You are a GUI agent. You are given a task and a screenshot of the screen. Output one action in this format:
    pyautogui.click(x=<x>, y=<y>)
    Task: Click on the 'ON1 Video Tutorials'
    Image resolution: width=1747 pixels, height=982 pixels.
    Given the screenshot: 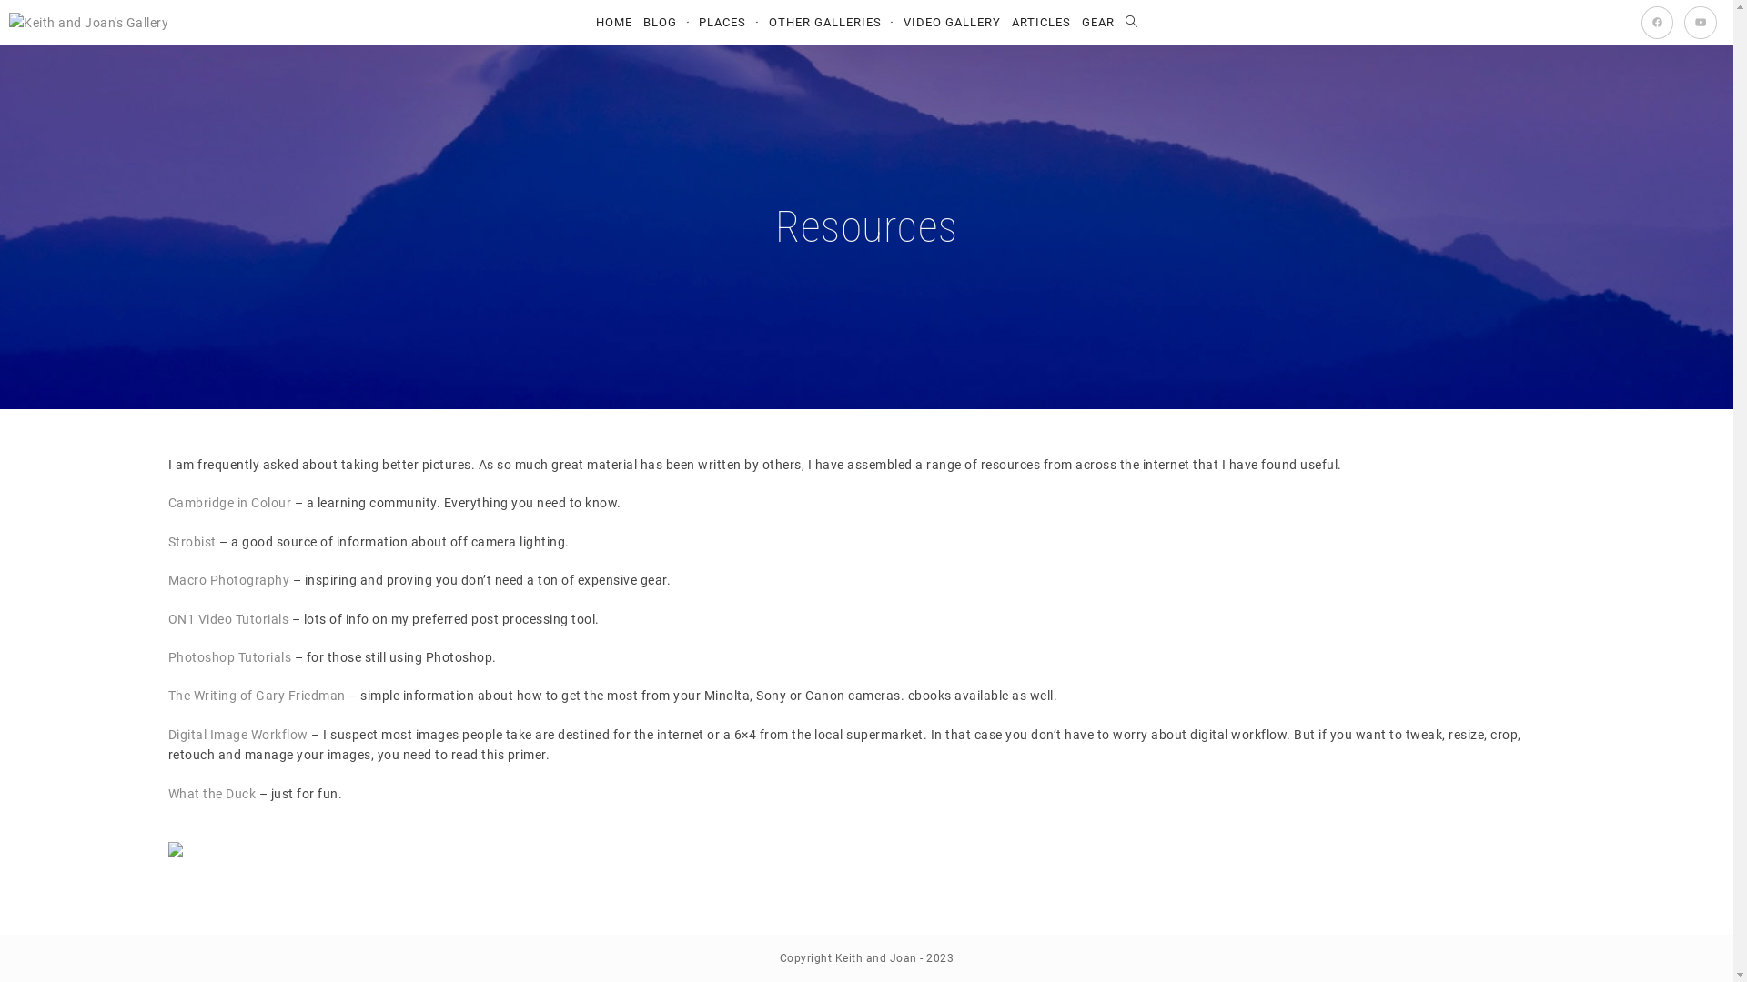 What is the action you would take?
    pyautogui.click(x=167, y=618)
    